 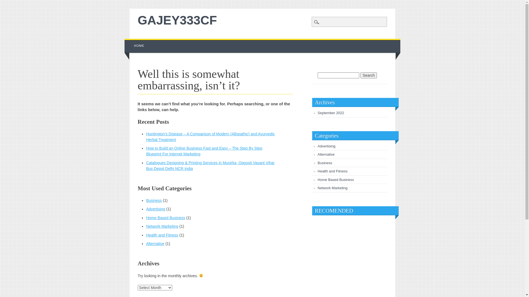 What do you see at coordinates (326, 146) in the screenshot?
I see `'Advertising'` at bounding box center [326, 146].